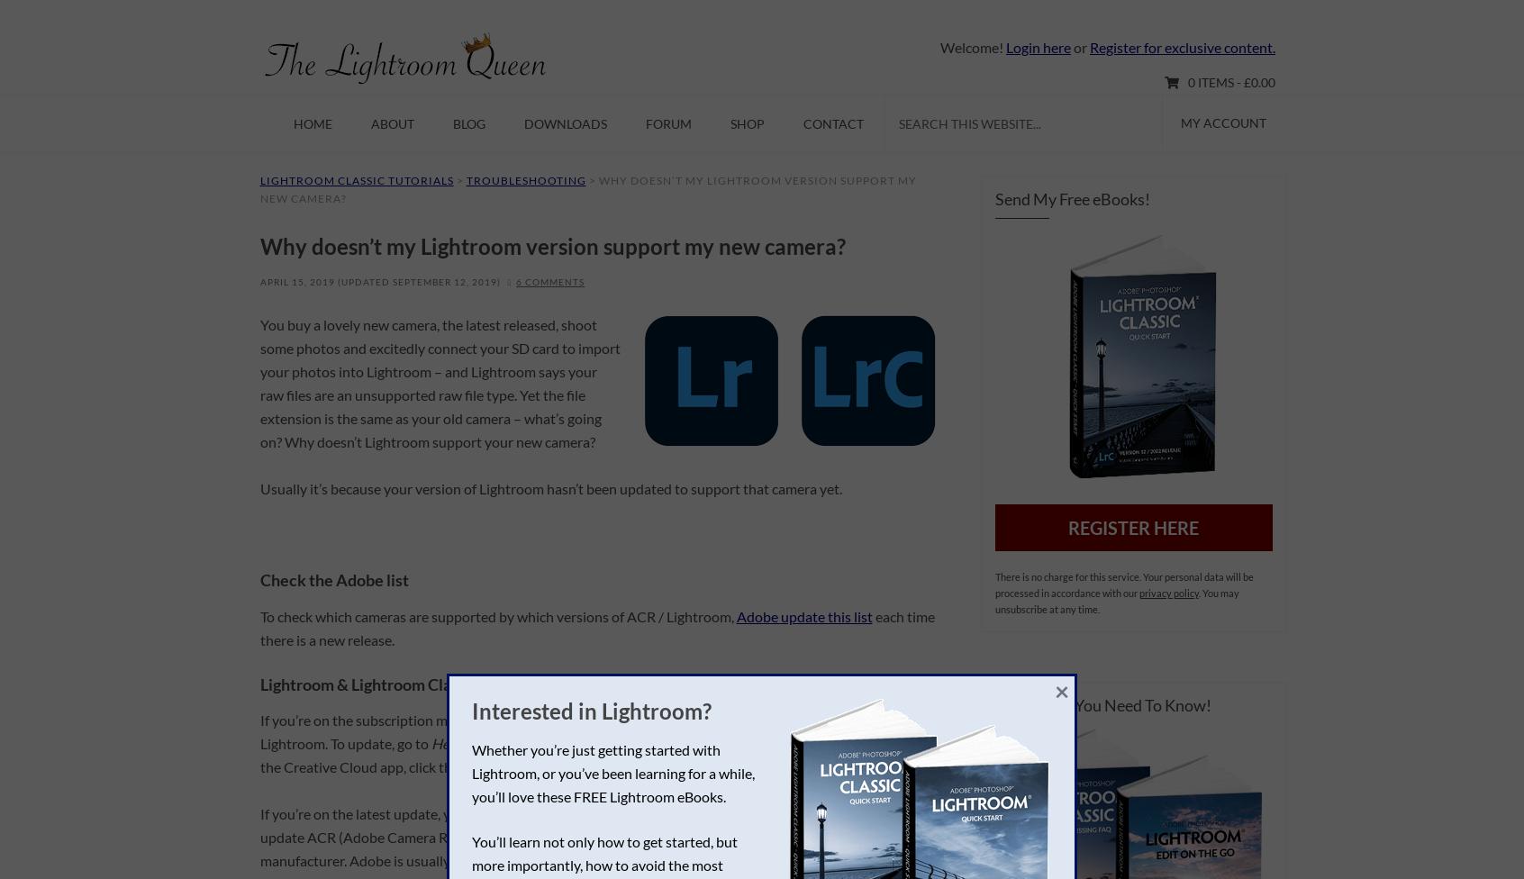  I want to click on 'Login here', so click(1037, 47).